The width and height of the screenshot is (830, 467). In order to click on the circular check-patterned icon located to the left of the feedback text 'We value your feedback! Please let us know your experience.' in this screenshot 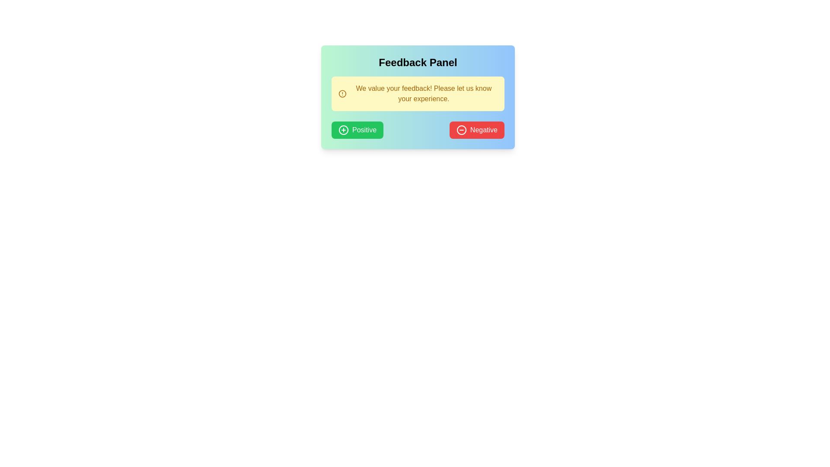, I will do `click(342, 93)`.